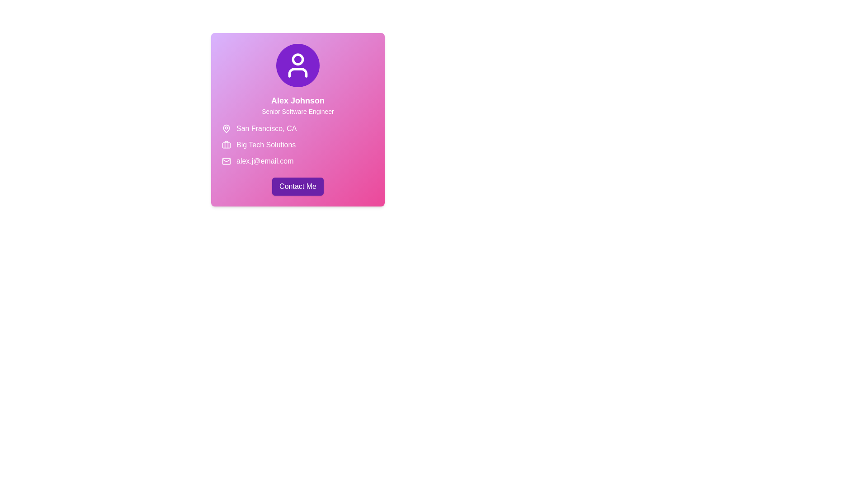  What do you see at coordinates (297, 65) in the screenshot?
I see `the circular user avatar with a purple background and a white icon representing a user, located at the top of Alex Johnson's profile card` at bounding box center [297, 65].